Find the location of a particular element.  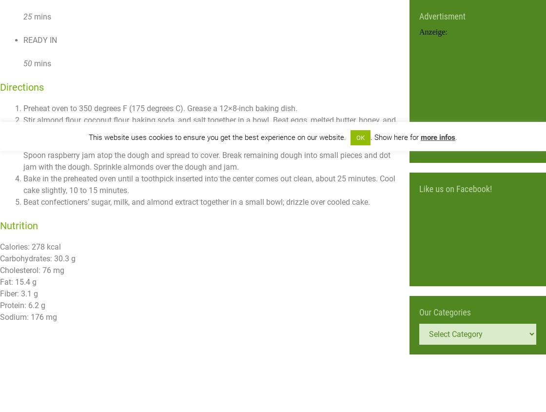

'kcal' is located at coordinates (53, 247).